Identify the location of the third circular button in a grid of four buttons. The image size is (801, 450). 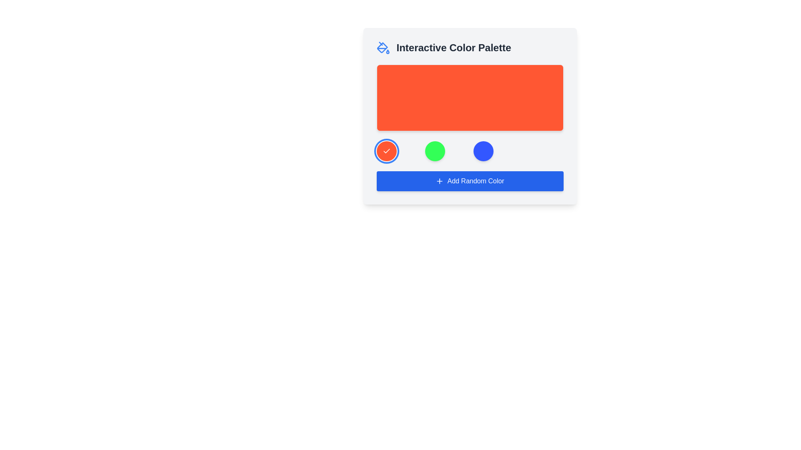
(483, 151).